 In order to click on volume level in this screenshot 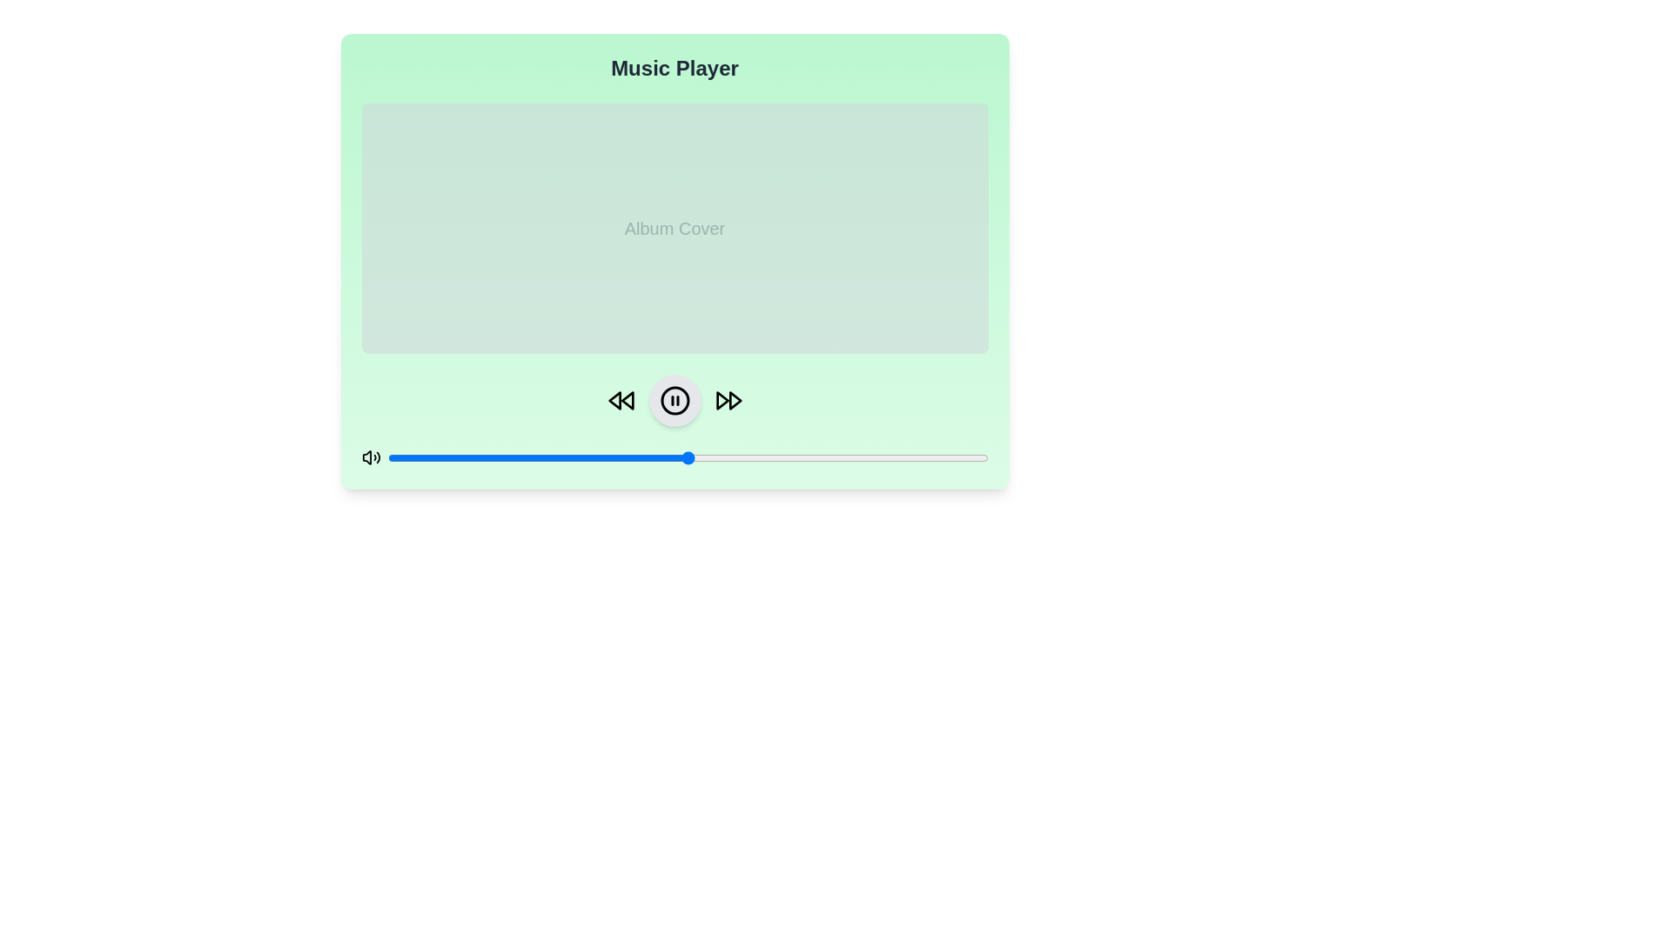, I will do `click(627, 457)`.